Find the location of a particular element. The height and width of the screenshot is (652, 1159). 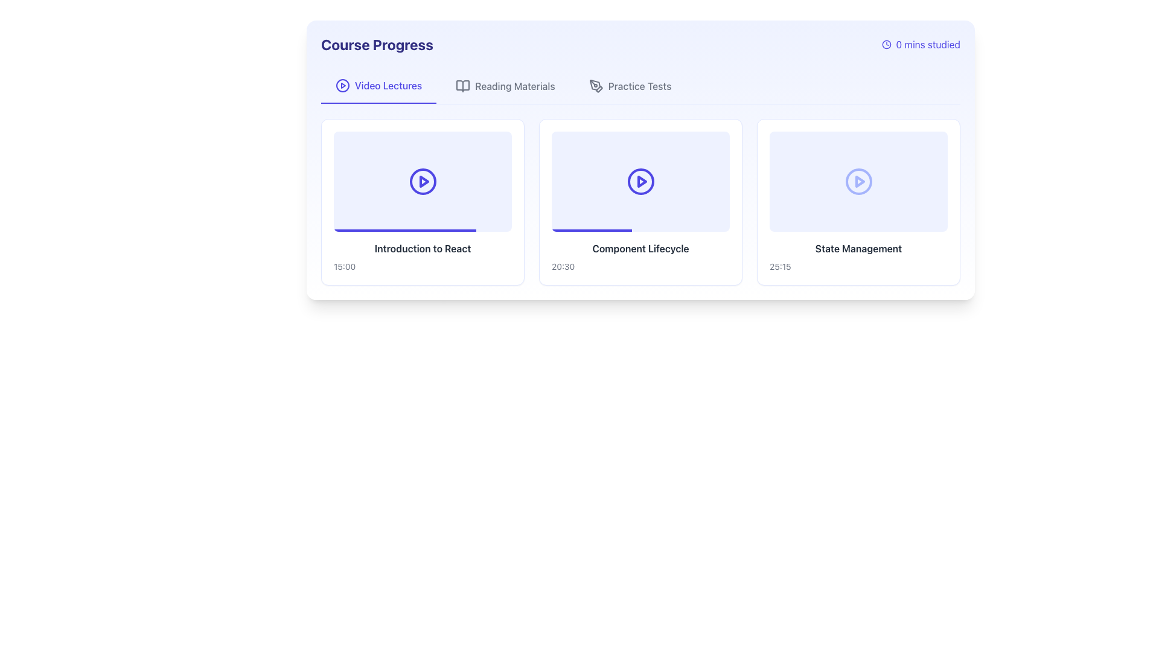

the 'Video Lectures' text label, which is located to the right of the play icon within the menu item component of the navigation bar is located at coordinates (388, 85).